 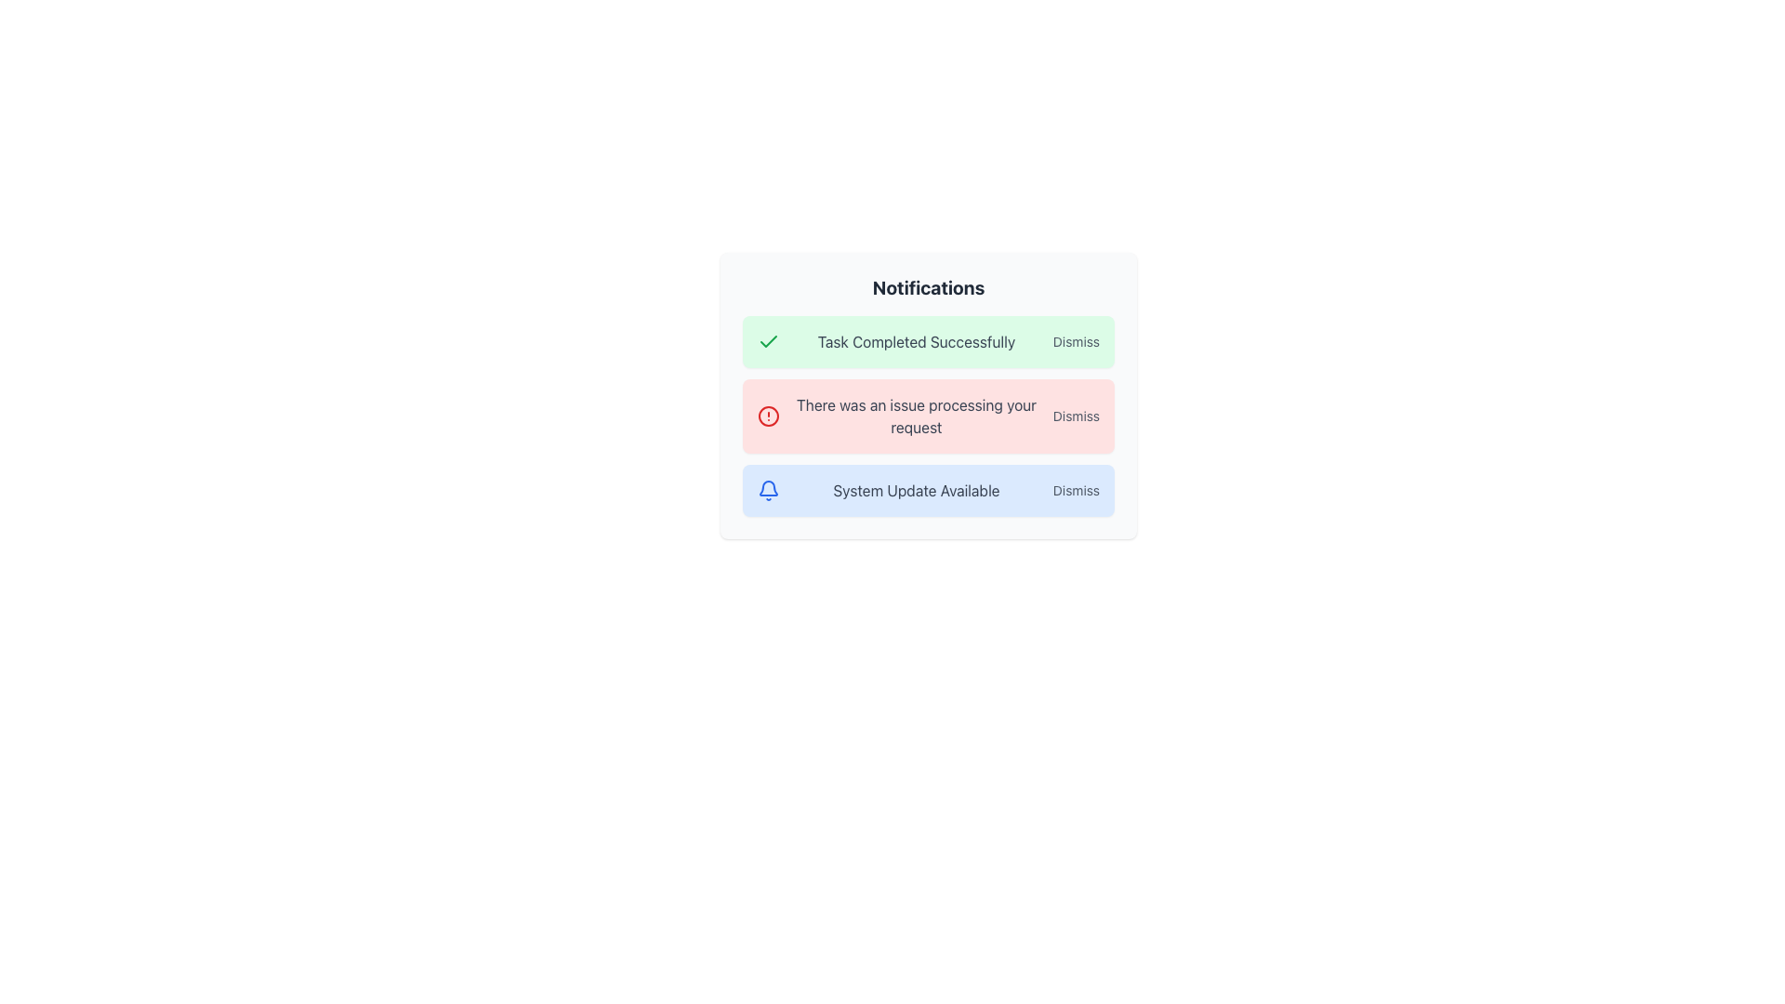 What do you see at coordinates (768, 487) in the screenshot?
I see `the second graphical subcomponent of the notification bell icon, which represents part of the icon used for alerts or updates` at bounding box center [768, 487].